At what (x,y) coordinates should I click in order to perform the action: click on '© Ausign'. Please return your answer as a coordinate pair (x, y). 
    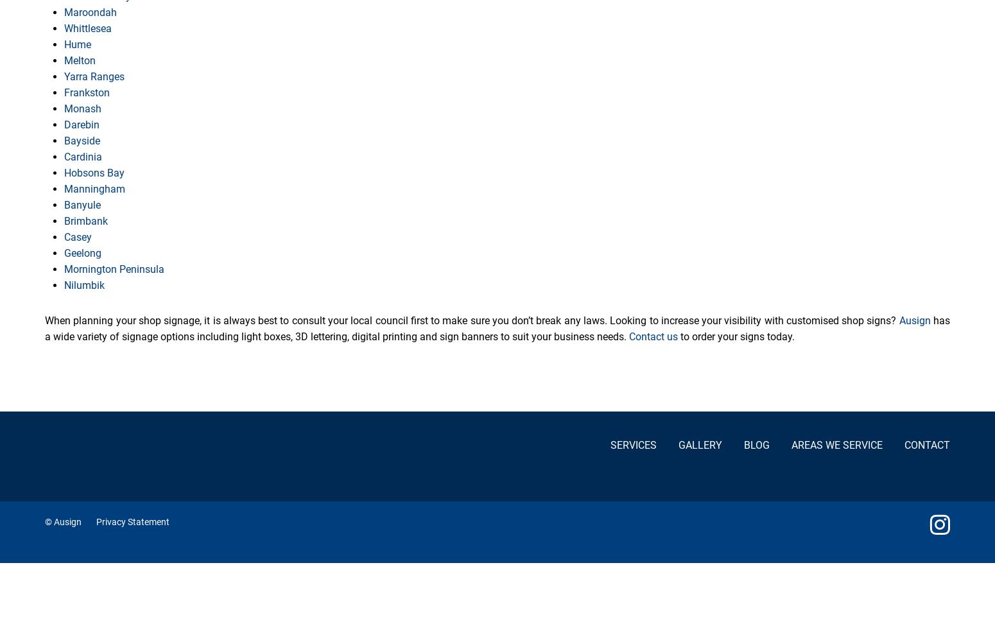
    Looking at the image, I should click on (64, 521).